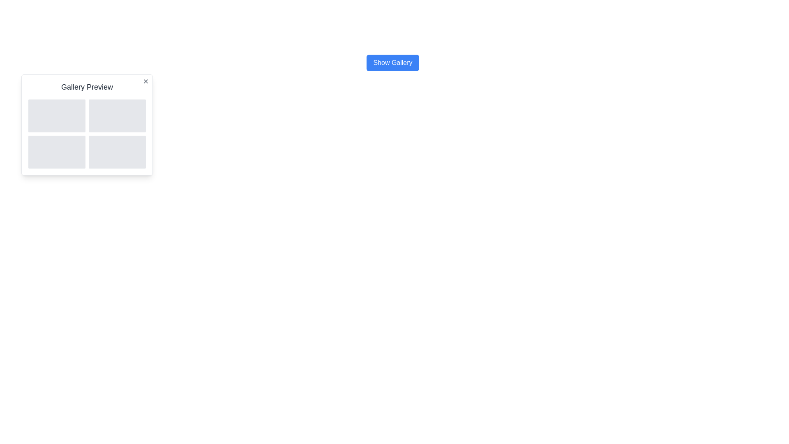 This screenshot has height=444, width=789. Describe the element at coordinates (392, 62) in the screenshot. I see `the gallery preview button located in the top section of the layout` at that location.